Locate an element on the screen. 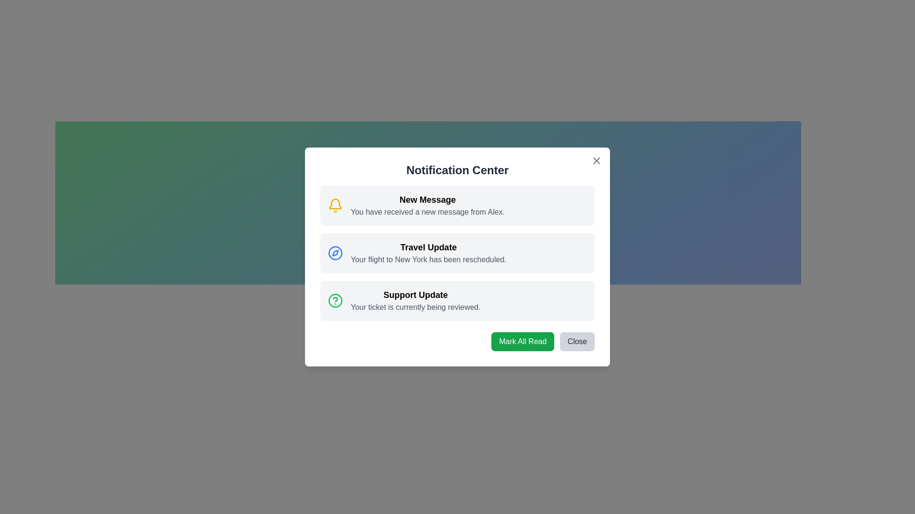 The image size is (915, 514). the title text of the third notification item, which is positioned above descriptive text and below other notifications in the vertically stacked list is located at coordinates (416, 295).